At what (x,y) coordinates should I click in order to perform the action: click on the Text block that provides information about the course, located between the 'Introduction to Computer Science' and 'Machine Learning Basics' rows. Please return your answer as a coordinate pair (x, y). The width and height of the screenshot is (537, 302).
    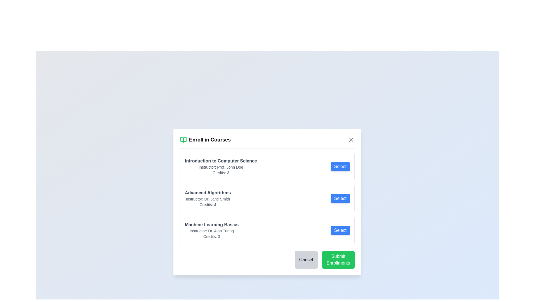
    Looking at the image, I should click on (208, 198).